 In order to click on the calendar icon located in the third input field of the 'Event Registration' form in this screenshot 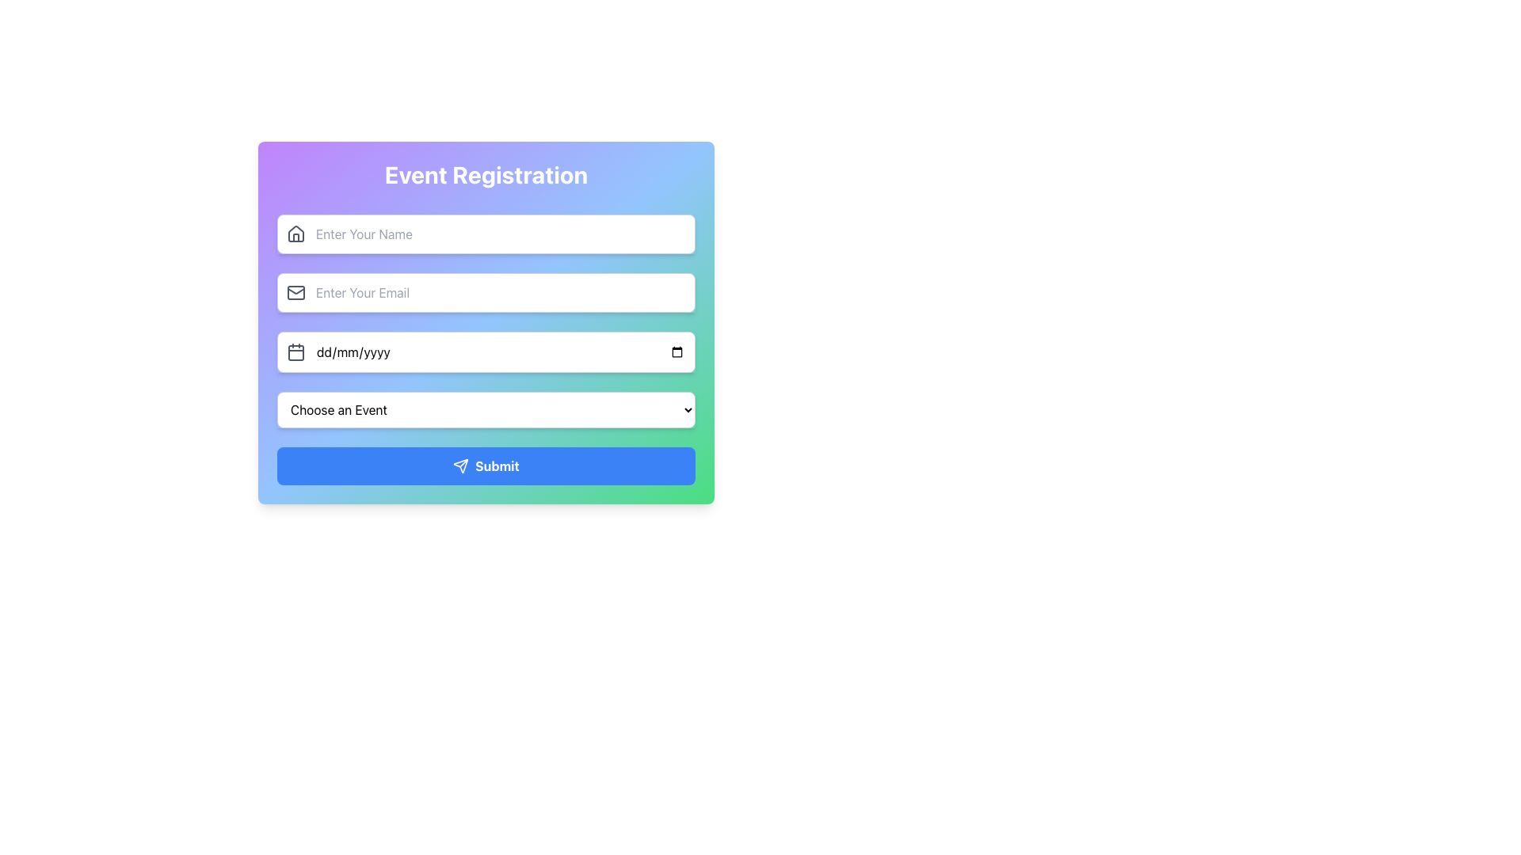, I will do `click(296, 351)`.